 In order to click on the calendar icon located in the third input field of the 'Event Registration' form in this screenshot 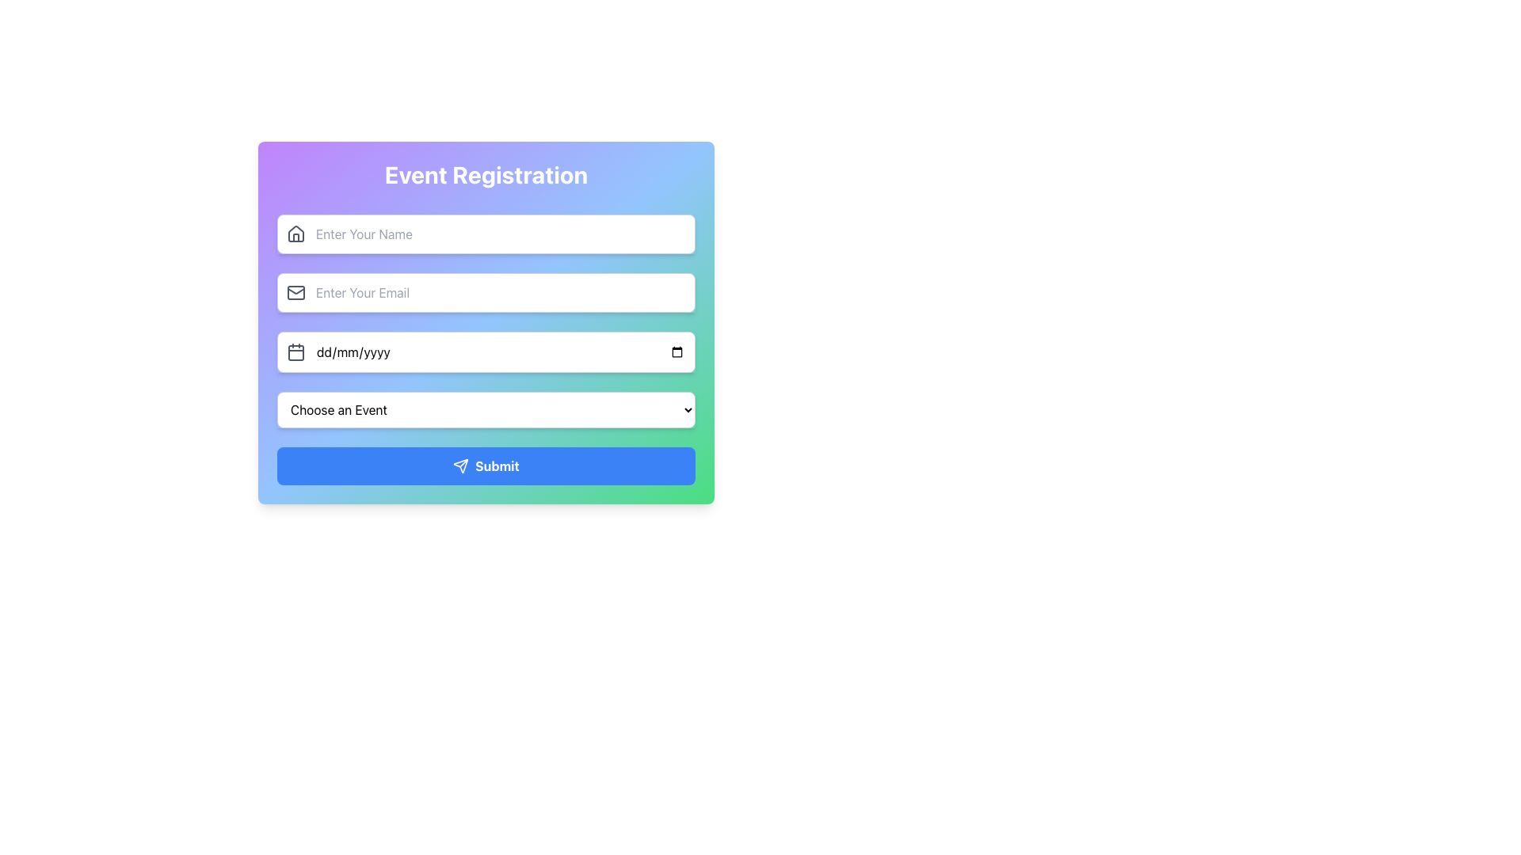, I will do `click(296, 351)`.